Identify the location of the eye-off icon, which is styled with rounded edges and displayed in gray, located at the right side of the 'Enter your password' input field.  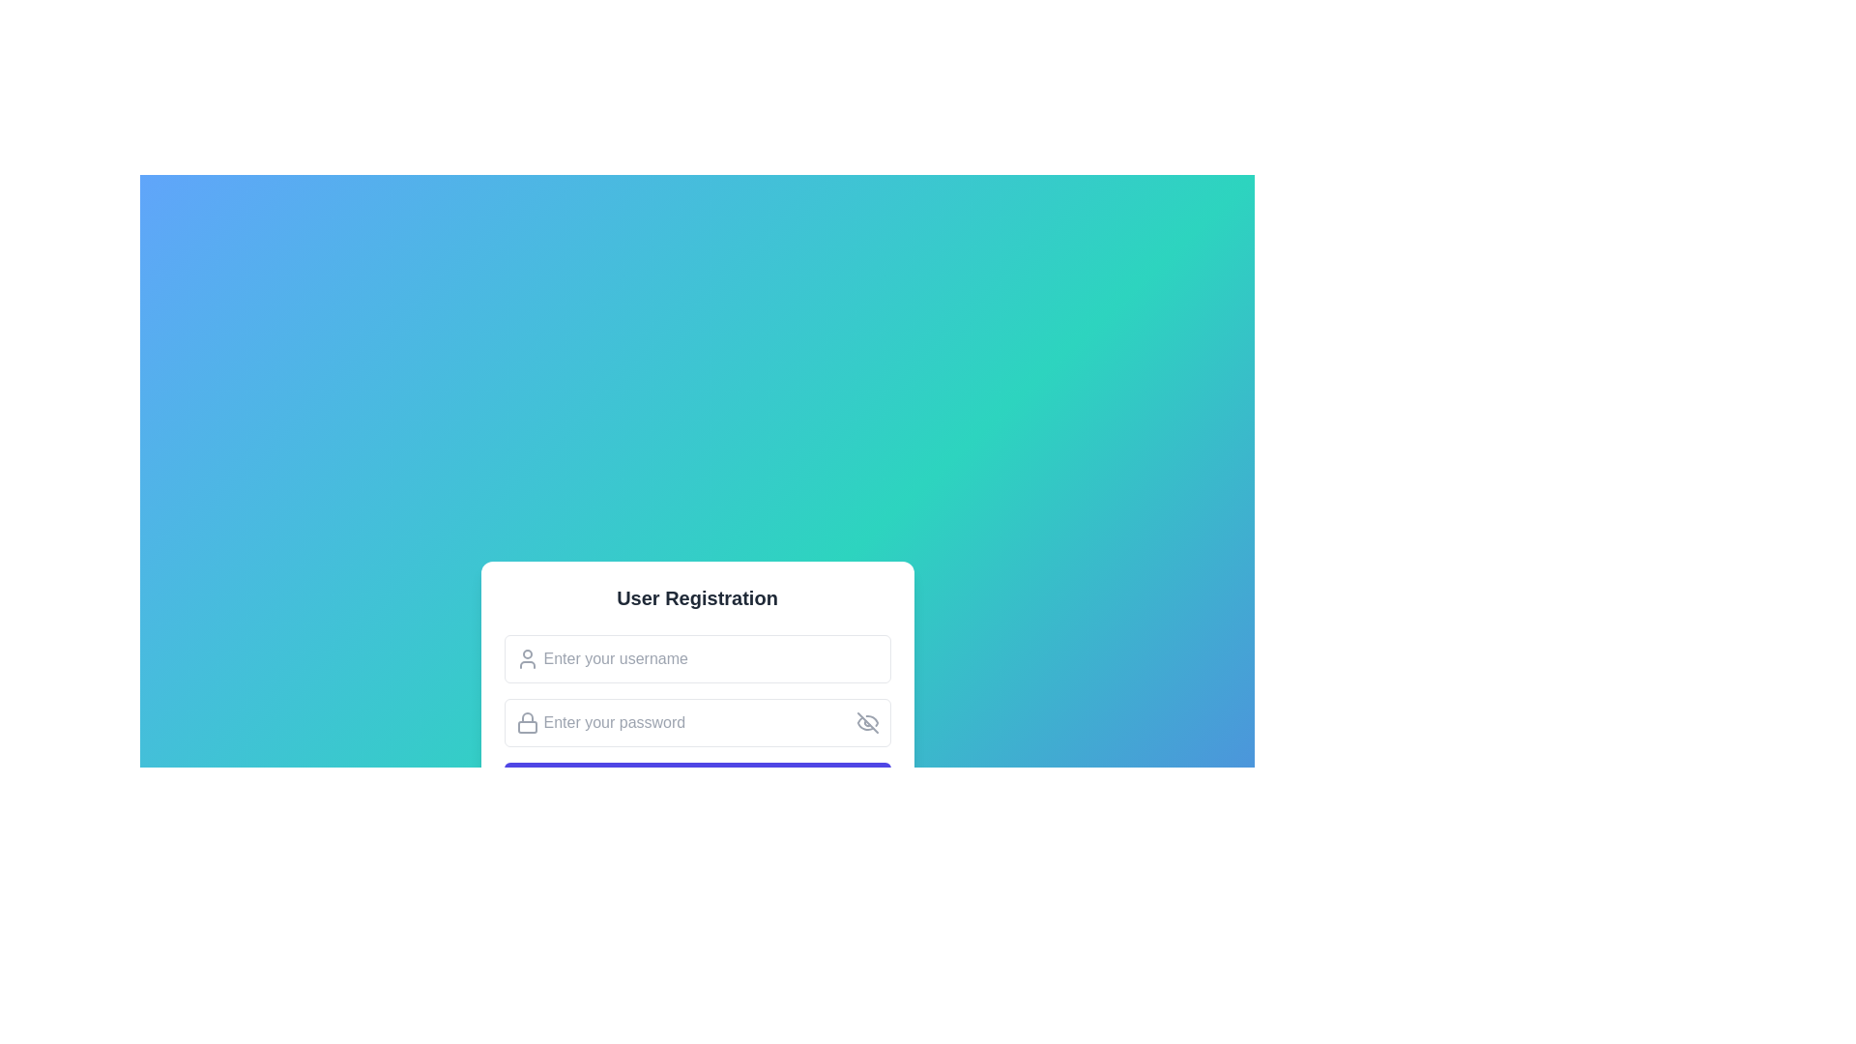
(866, 723).